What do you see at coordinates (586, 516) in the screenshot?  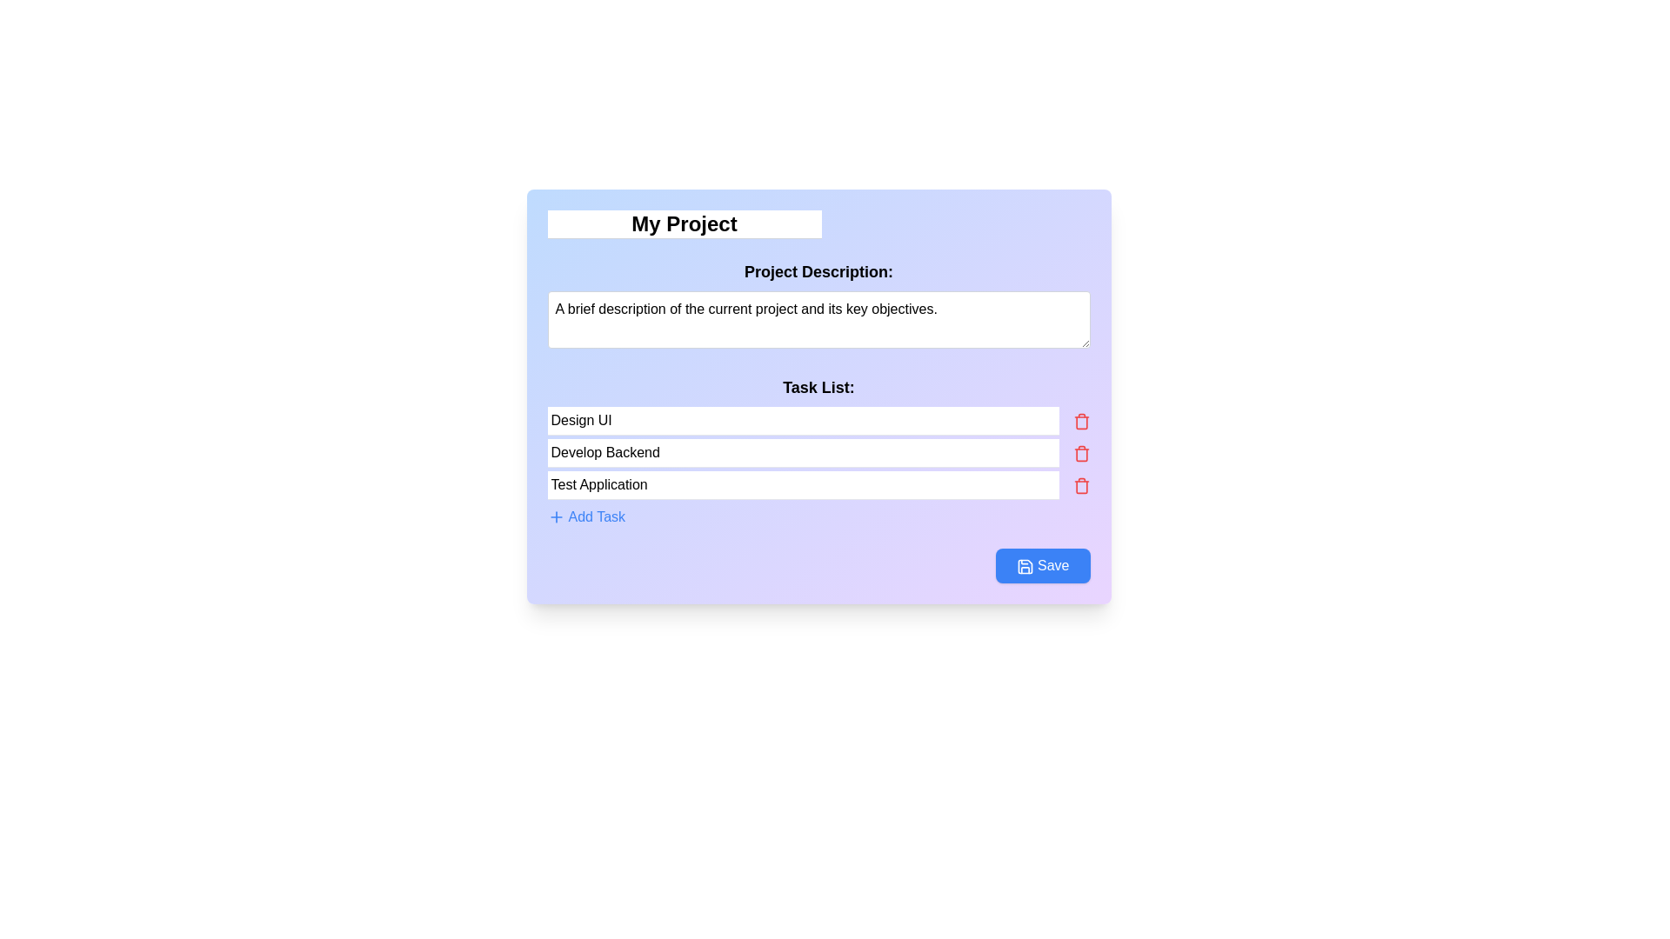 I see `the 'Add Task' button, which is a blue button with a plus icon located at the bottom of the 'Task List' section` at bounding box center [586, 516].